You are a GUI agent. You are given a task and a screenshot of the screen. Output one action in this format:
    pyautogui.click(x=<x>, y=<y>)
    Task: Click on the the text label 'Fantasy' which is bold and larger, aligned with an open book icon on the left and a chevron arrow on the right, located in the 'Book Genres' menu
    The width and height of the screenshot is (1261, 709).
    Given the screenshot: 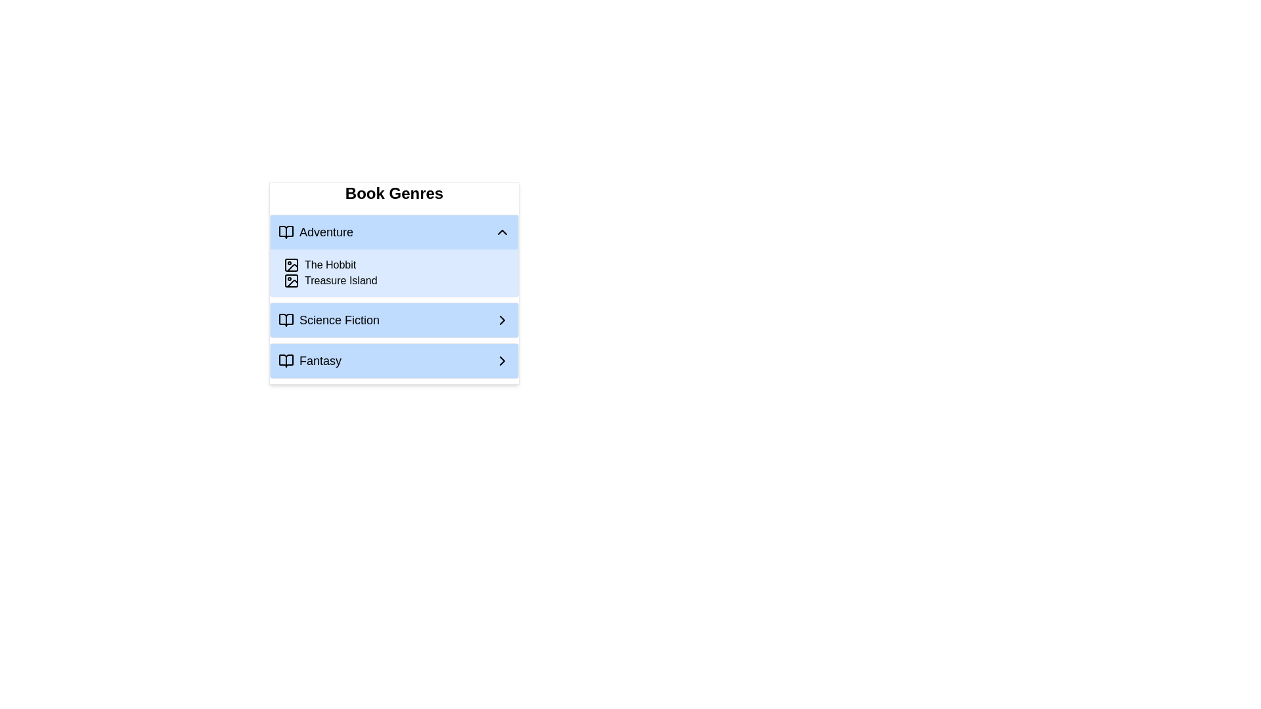 What is the action you would take?
    pyautogui.click(x=309, y=361)
    